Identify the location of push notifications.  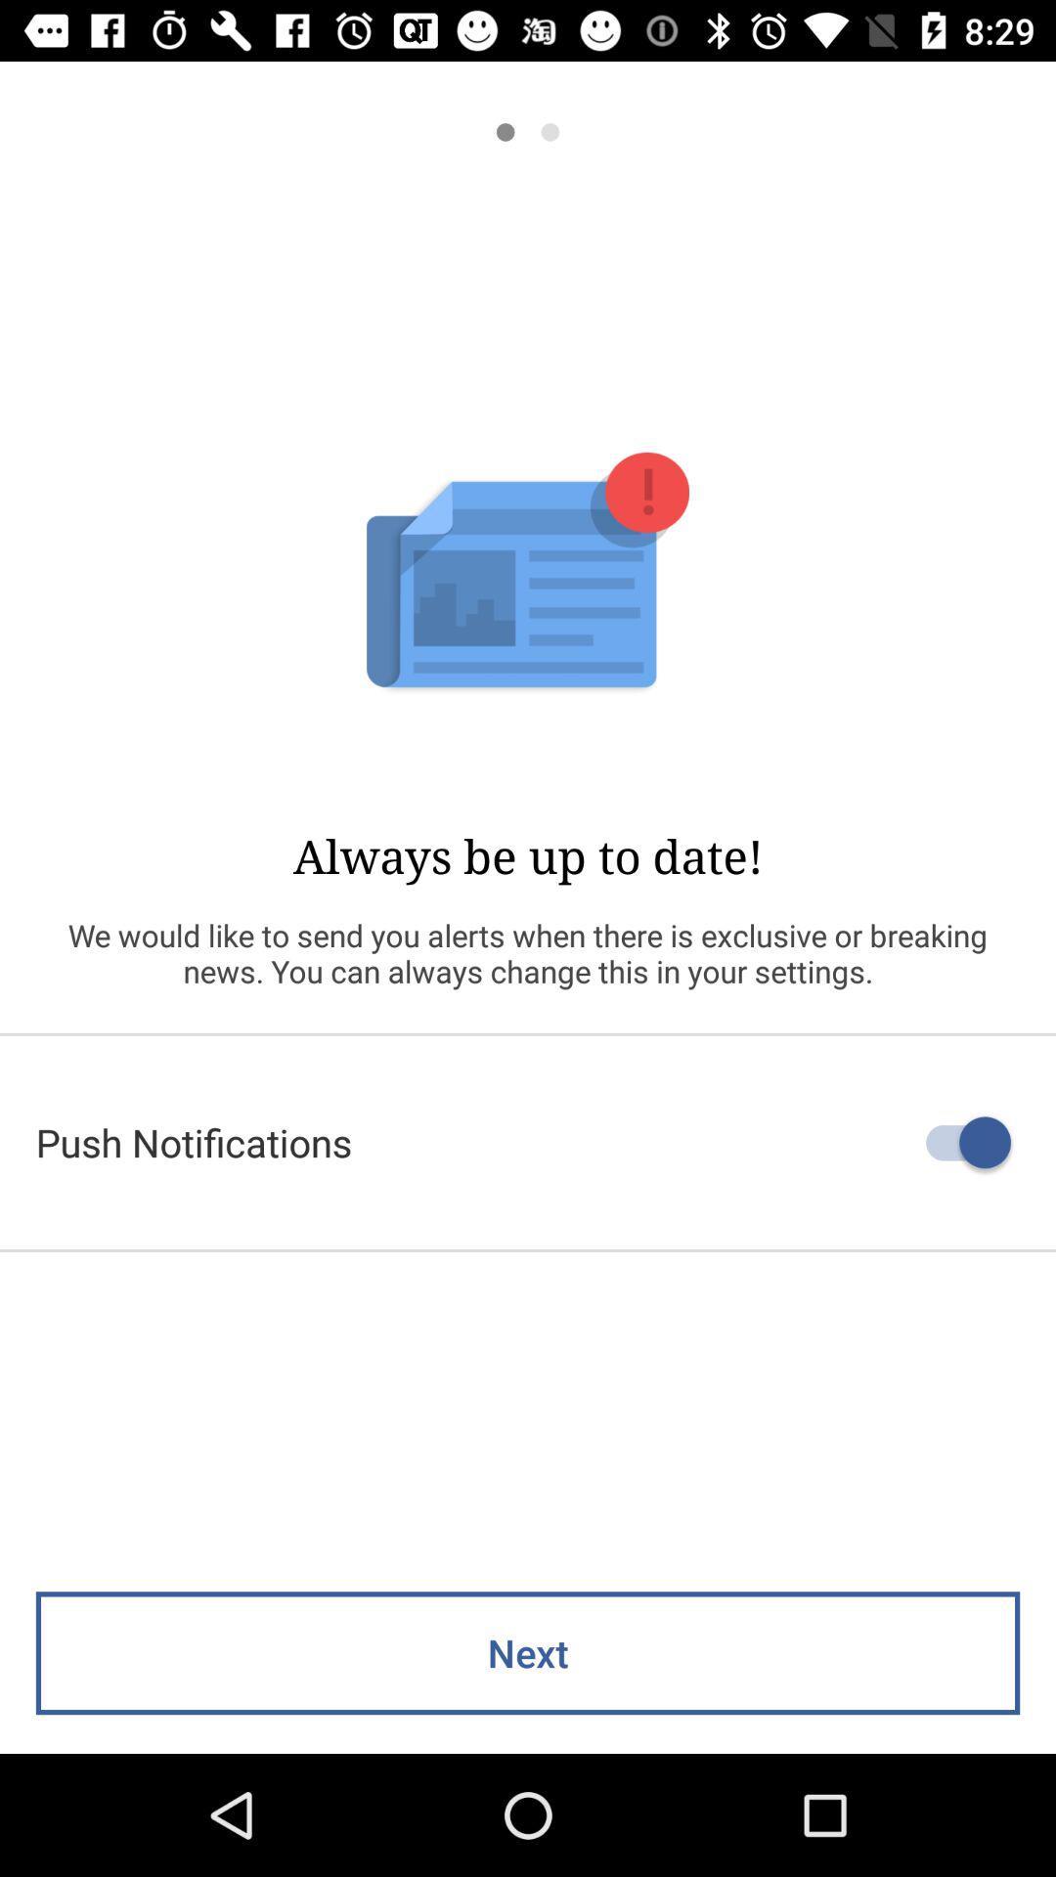
(528, 1142).